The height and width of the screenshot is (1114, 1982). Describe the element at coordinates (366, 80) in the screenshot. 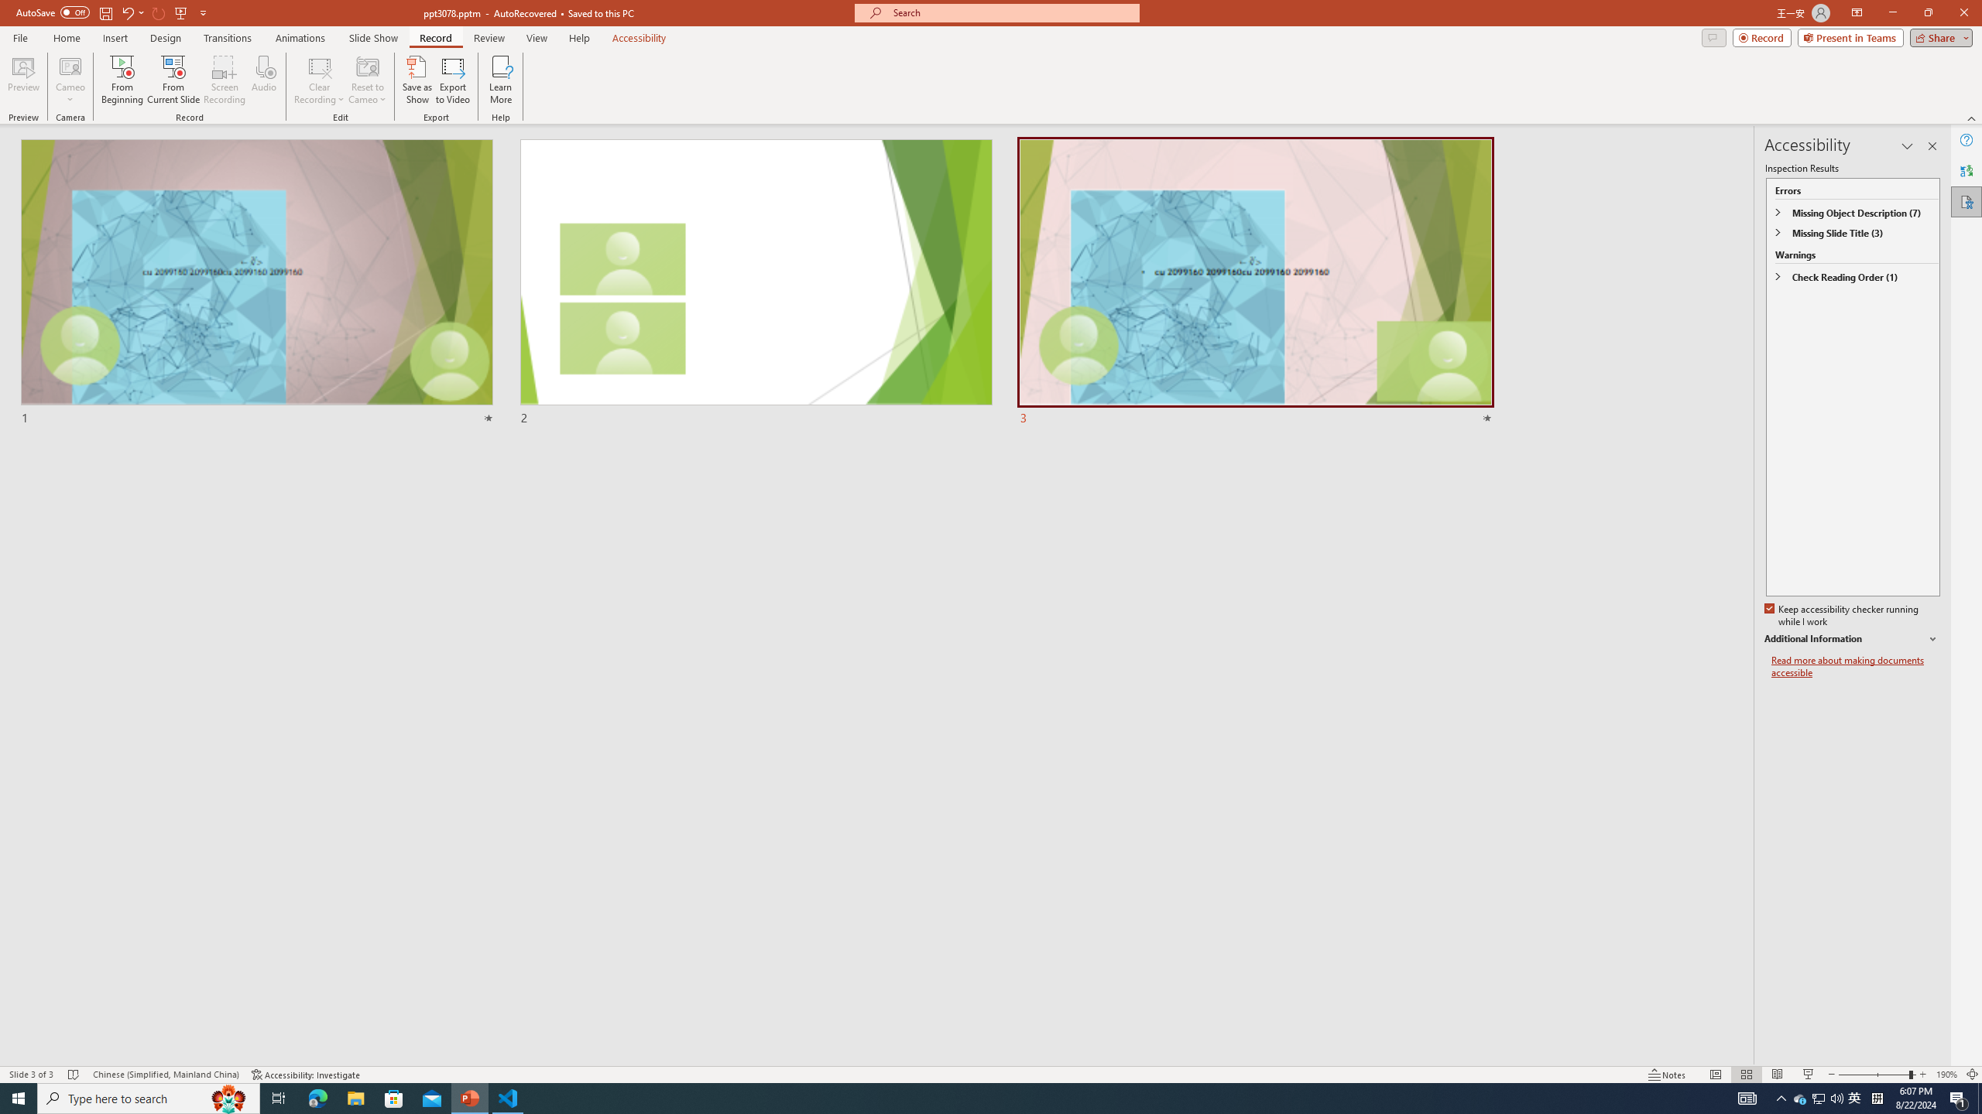

I see `'Reset to Cameo'` at that location.